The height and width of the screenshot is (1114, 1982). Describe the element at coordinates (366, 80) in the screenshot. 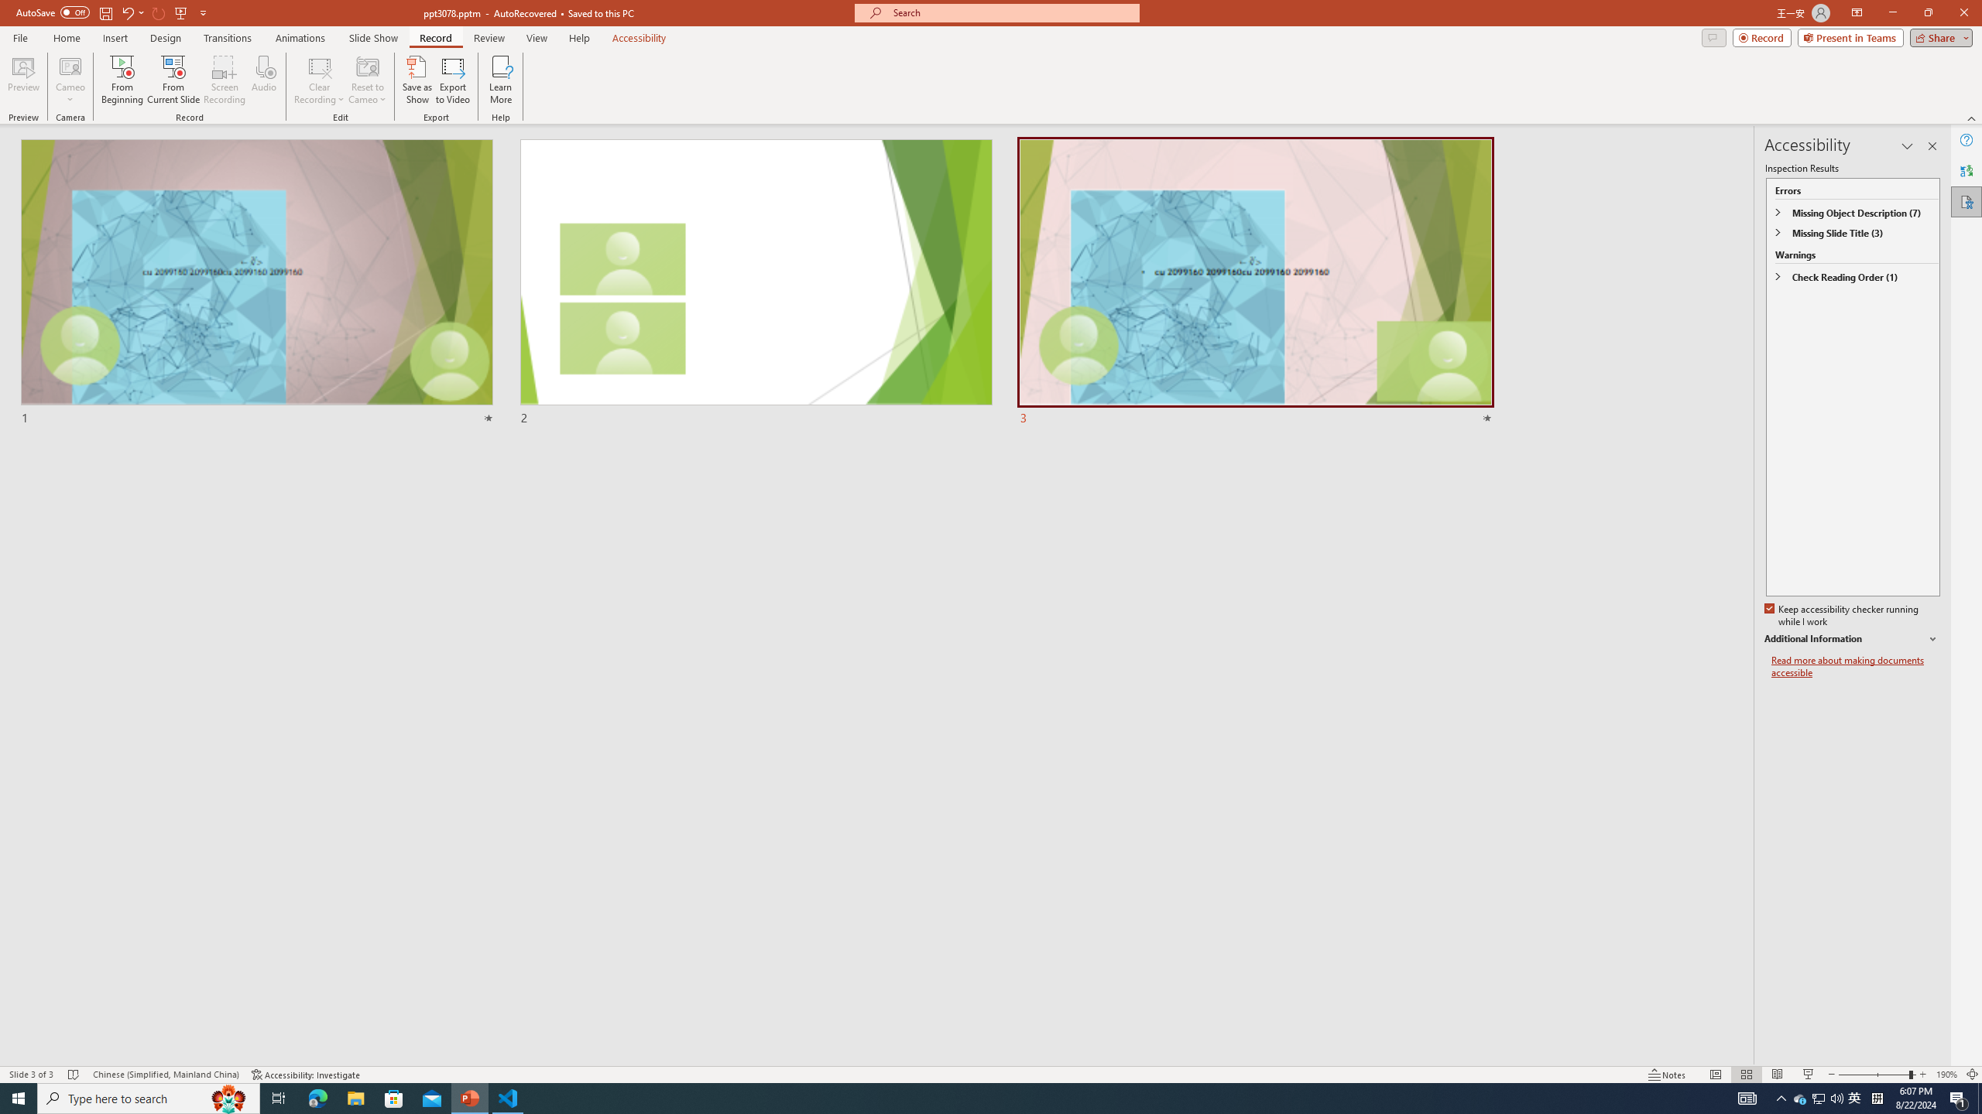

I see `'Reset to Cameo'` at that location.